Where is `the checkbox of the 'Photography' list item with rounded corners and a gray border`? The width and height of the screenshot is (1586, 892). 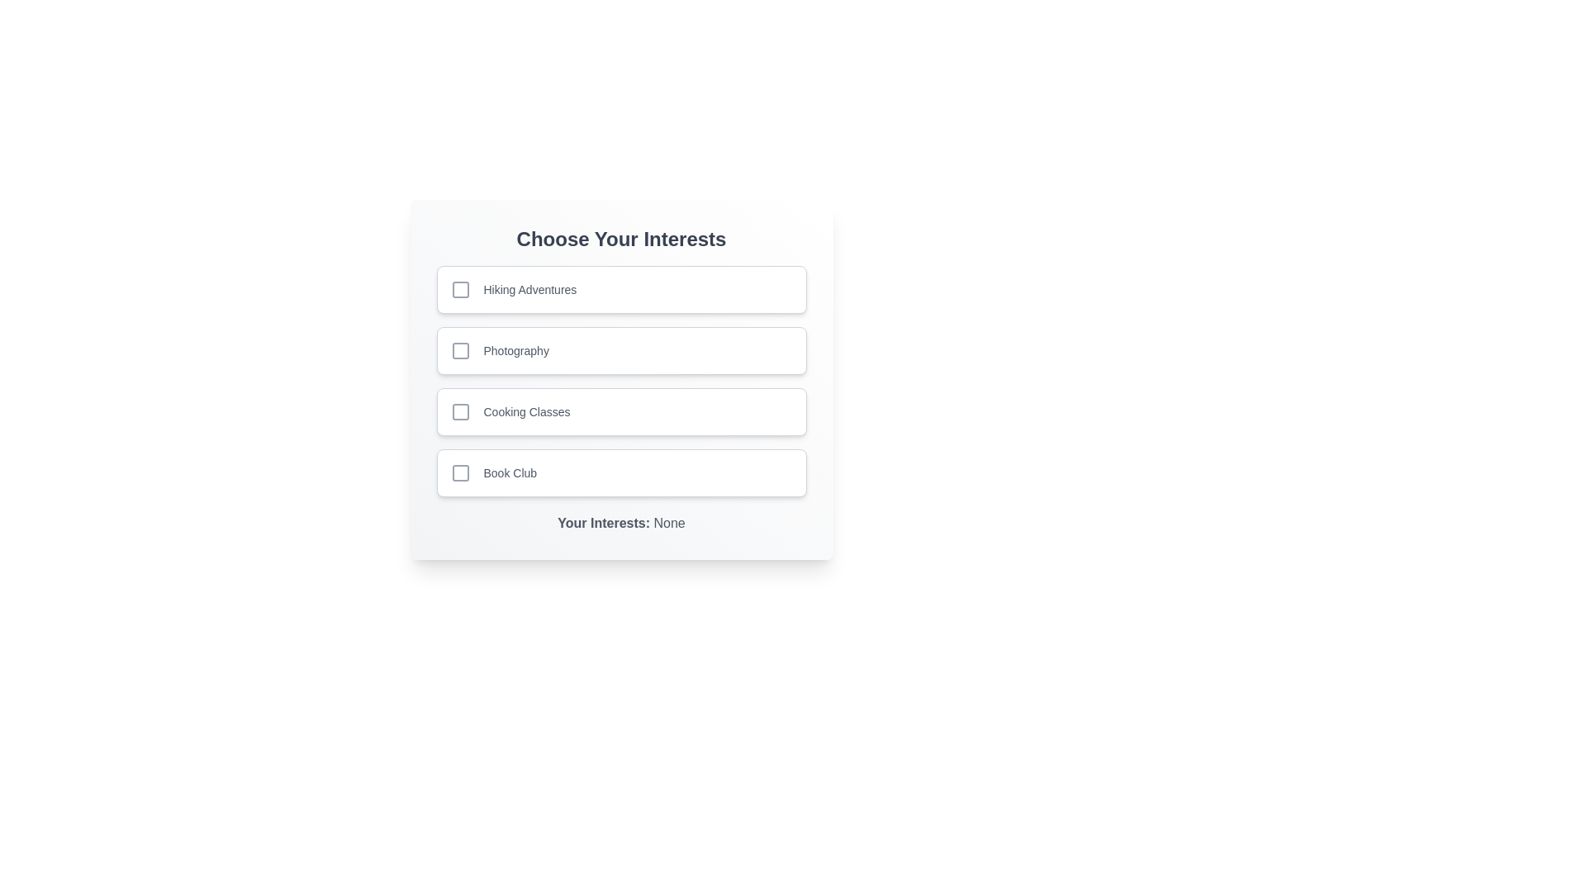 the checkbox of the 'Photography' list item with rounded corners and a gray border is located at coordinates (620, 349).